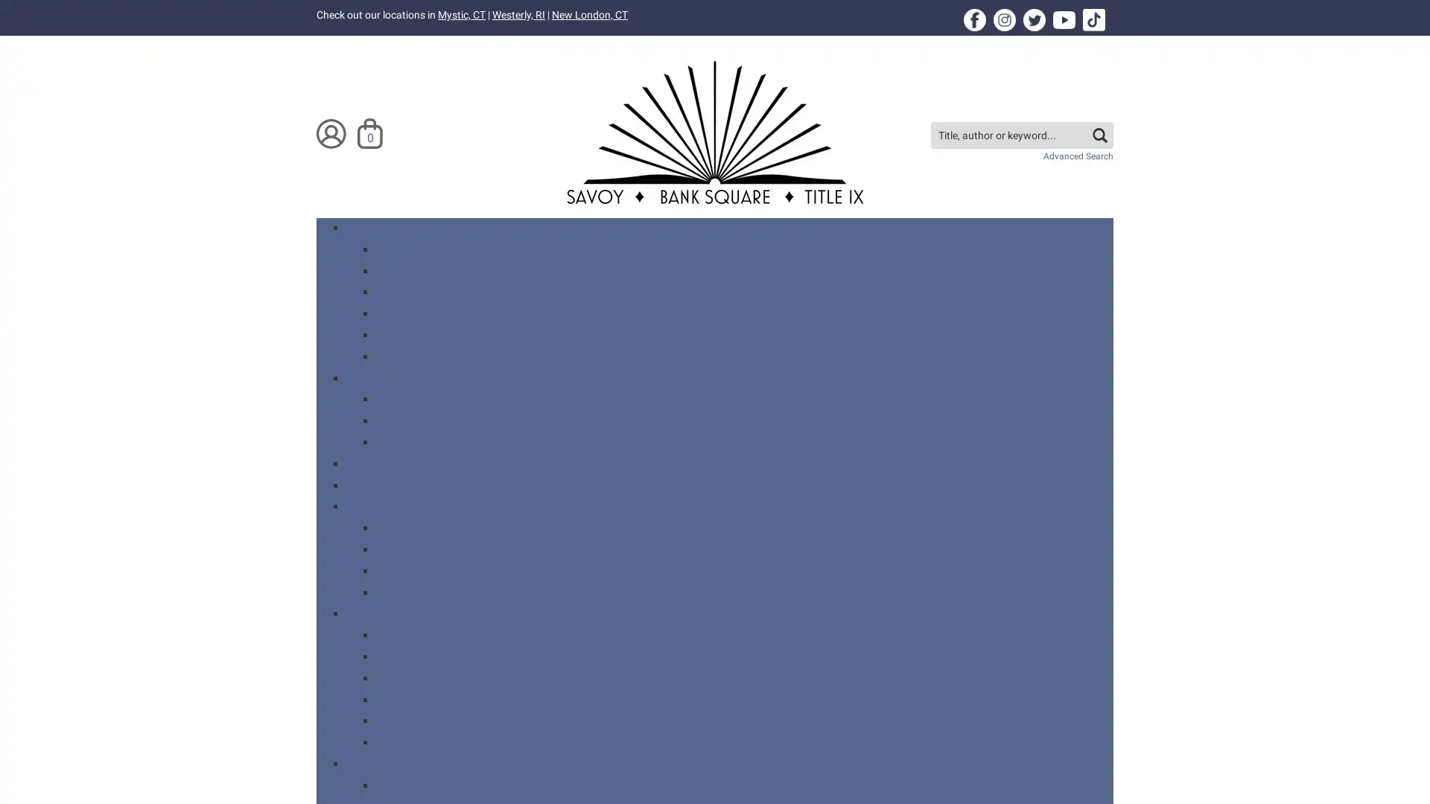 The height and width of the screenshot is (804, 1430). I want to click on search, so click(1098, 161).